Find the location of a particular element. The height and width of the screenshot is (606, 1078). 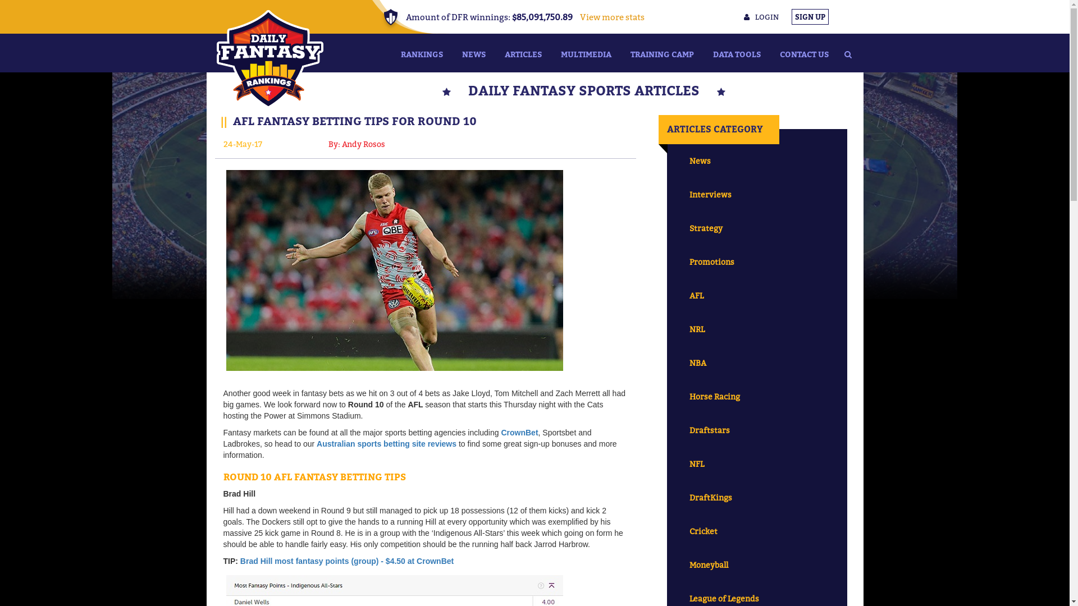

'Promotions' is located at coordinates (757, 261).